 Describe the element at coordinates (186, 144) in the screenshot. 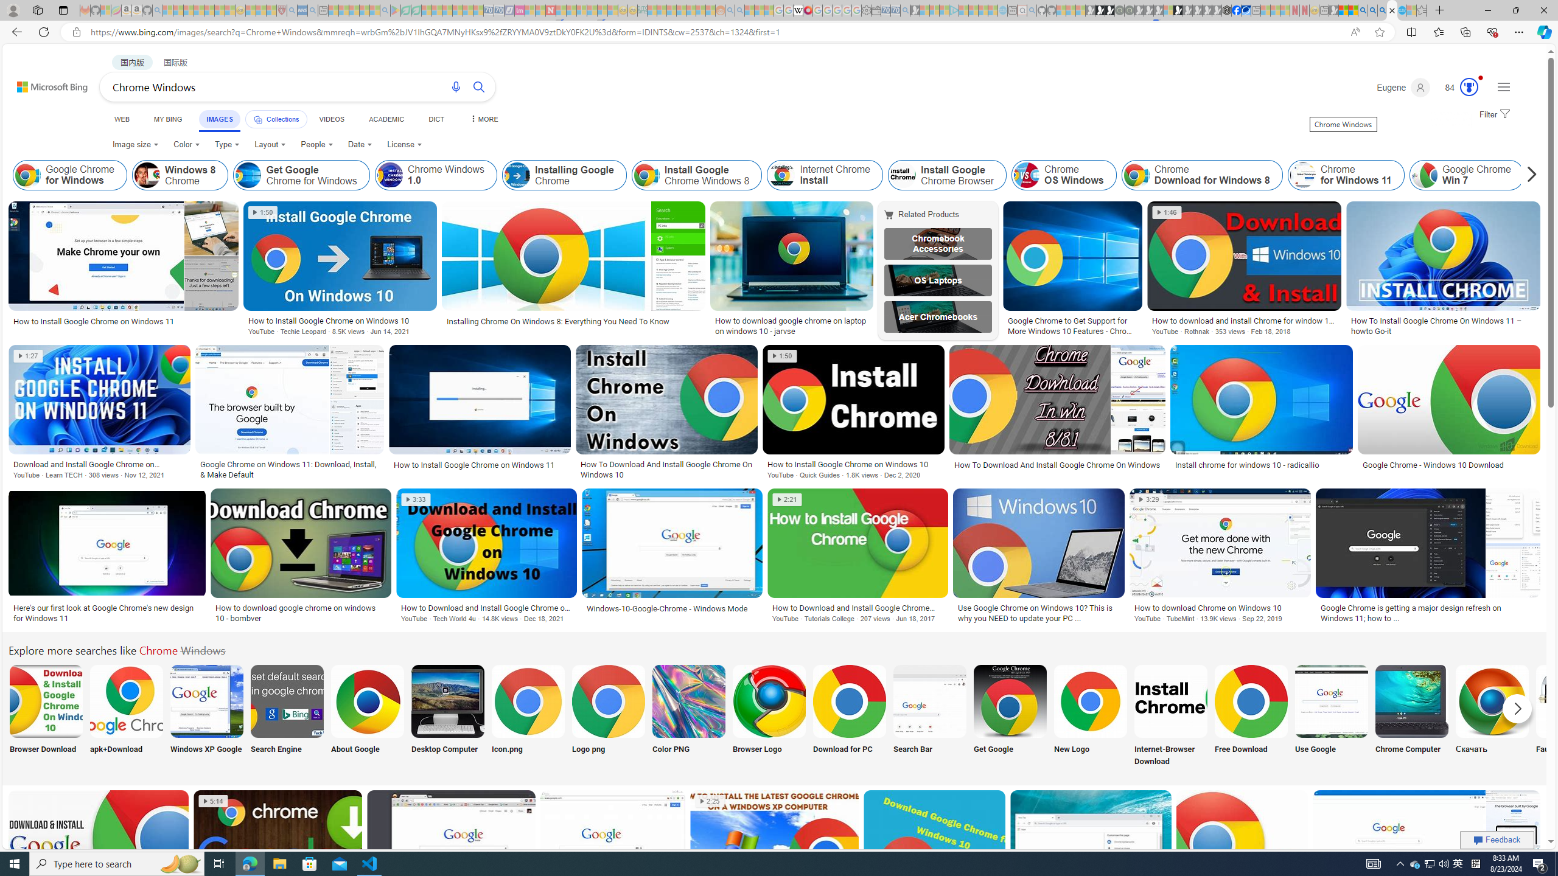

I see `'Color'` at that location.